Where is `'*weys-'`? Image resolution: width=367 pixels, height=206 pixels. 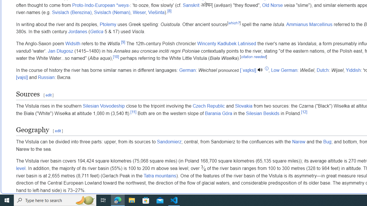
'*weys-' is located at coordinates (123, 5).